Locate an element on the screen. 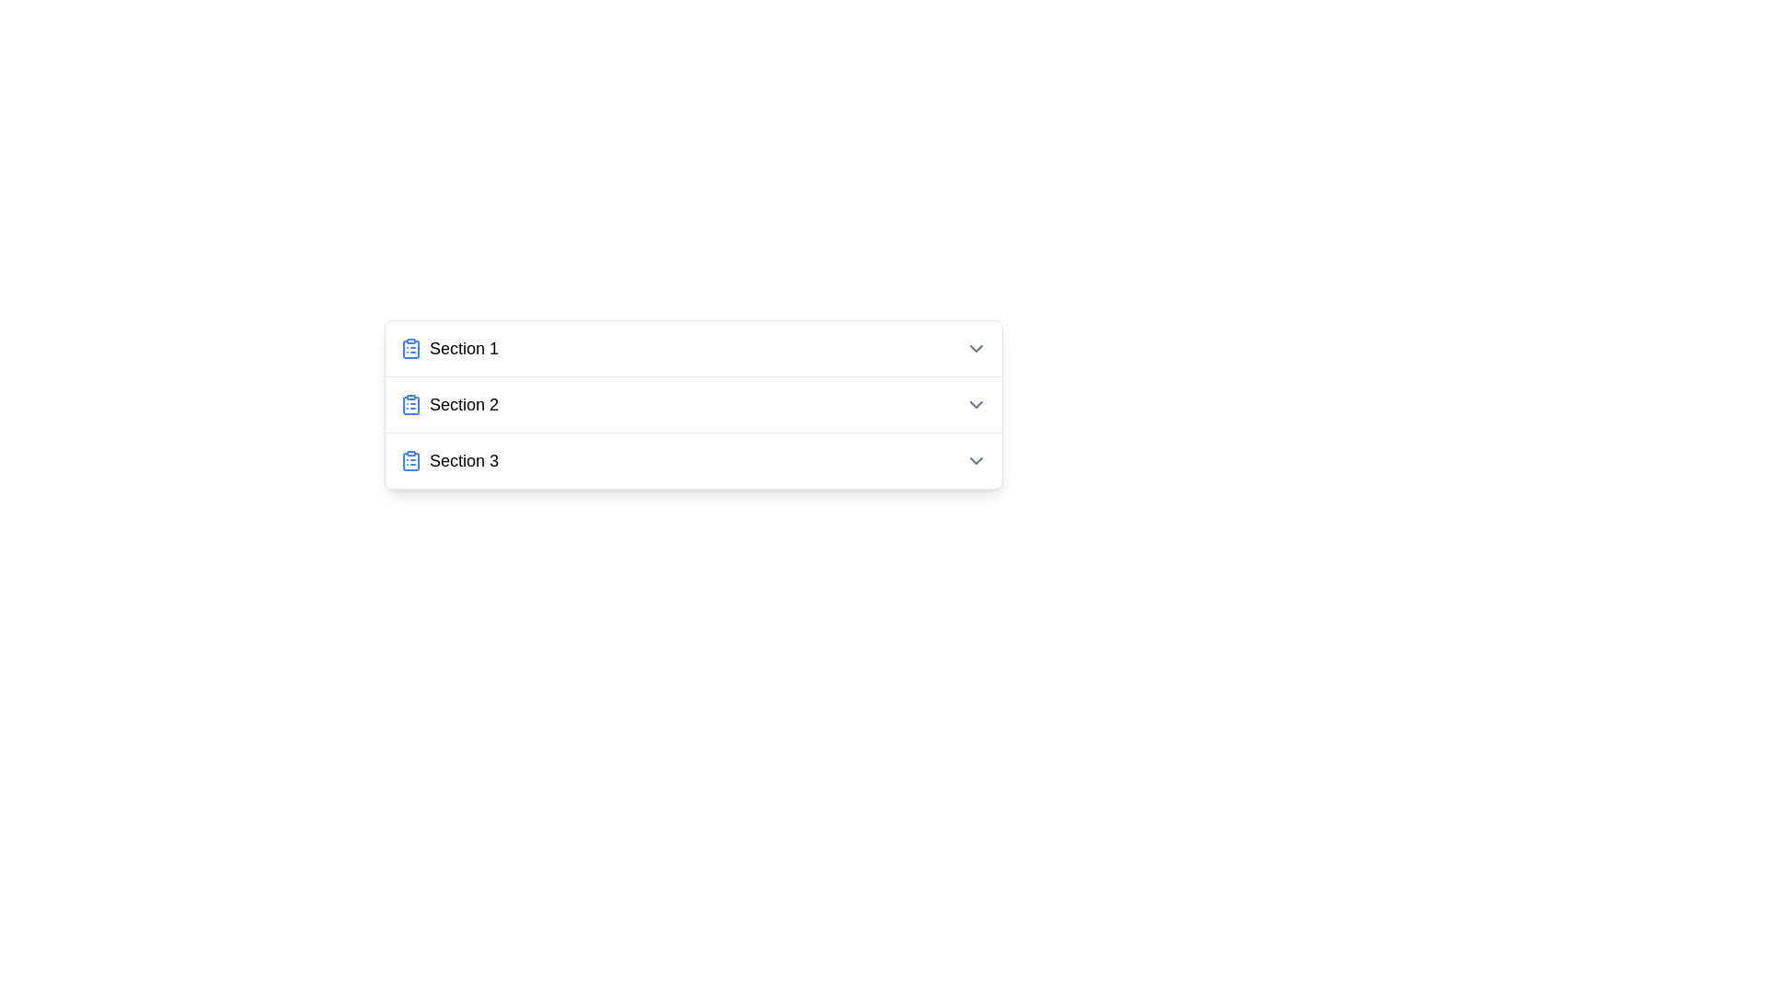 The image size is (1767, 994). the interactive label 'Section 1' which has a blue clipboard icon to the left of the text, positioned as the first entry in a vertical list is located at coordinates (449, 348).